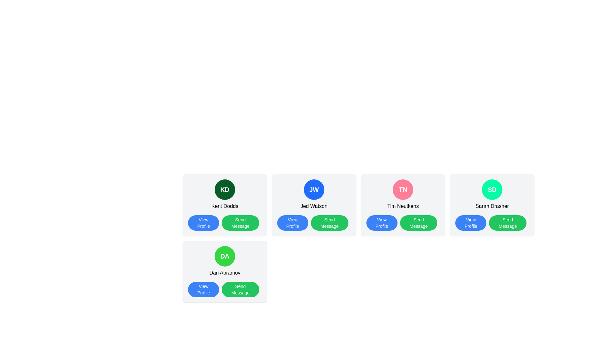 Image resolution: width=616 pixels, height=346 pixels. Describe the element at coordinates (203, 289) in the screenshot. I see `the 'View Profile' button` at that location.